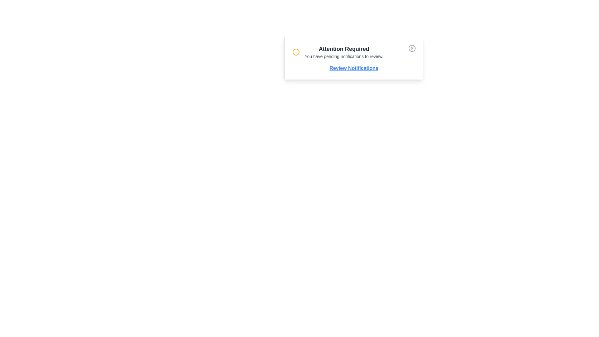  What do you see at coordinates (295, 51) in the screenshot?
I see `the outermost circular component of the icon with a yellow border and light yellow center, located to the left of the 'Attention Required' text in the notification banner` at bounding box center [295, 51].